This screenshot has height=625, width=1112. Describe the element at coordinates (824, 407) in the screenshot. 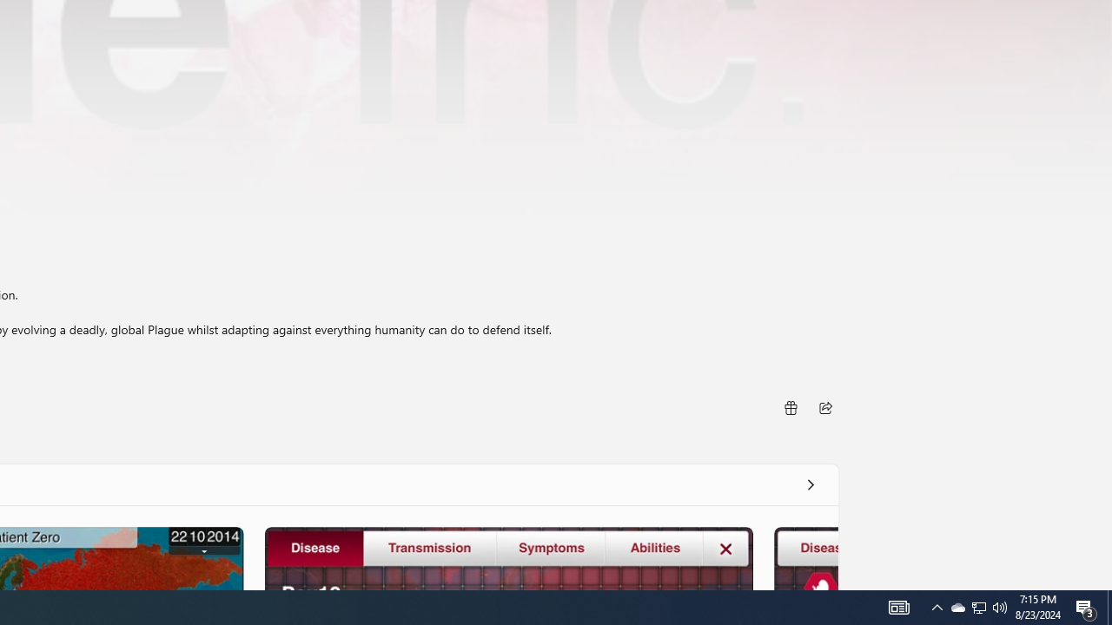

I see `'Share'` at that location.